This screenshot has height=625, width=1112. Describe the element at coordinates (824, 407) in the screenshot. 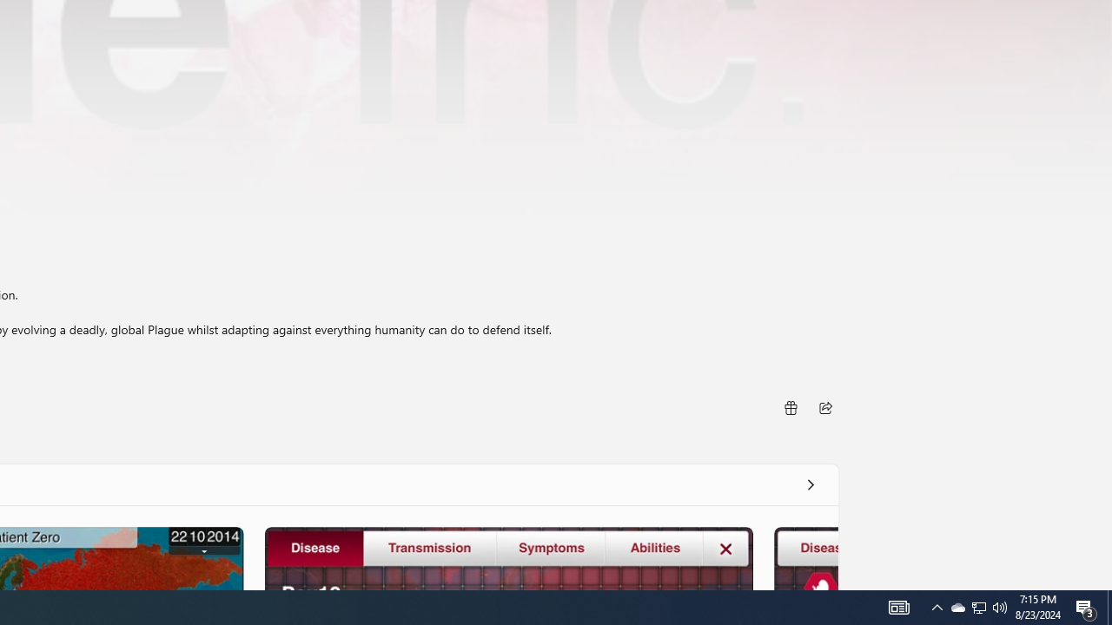

I see `'Share'` at that location.